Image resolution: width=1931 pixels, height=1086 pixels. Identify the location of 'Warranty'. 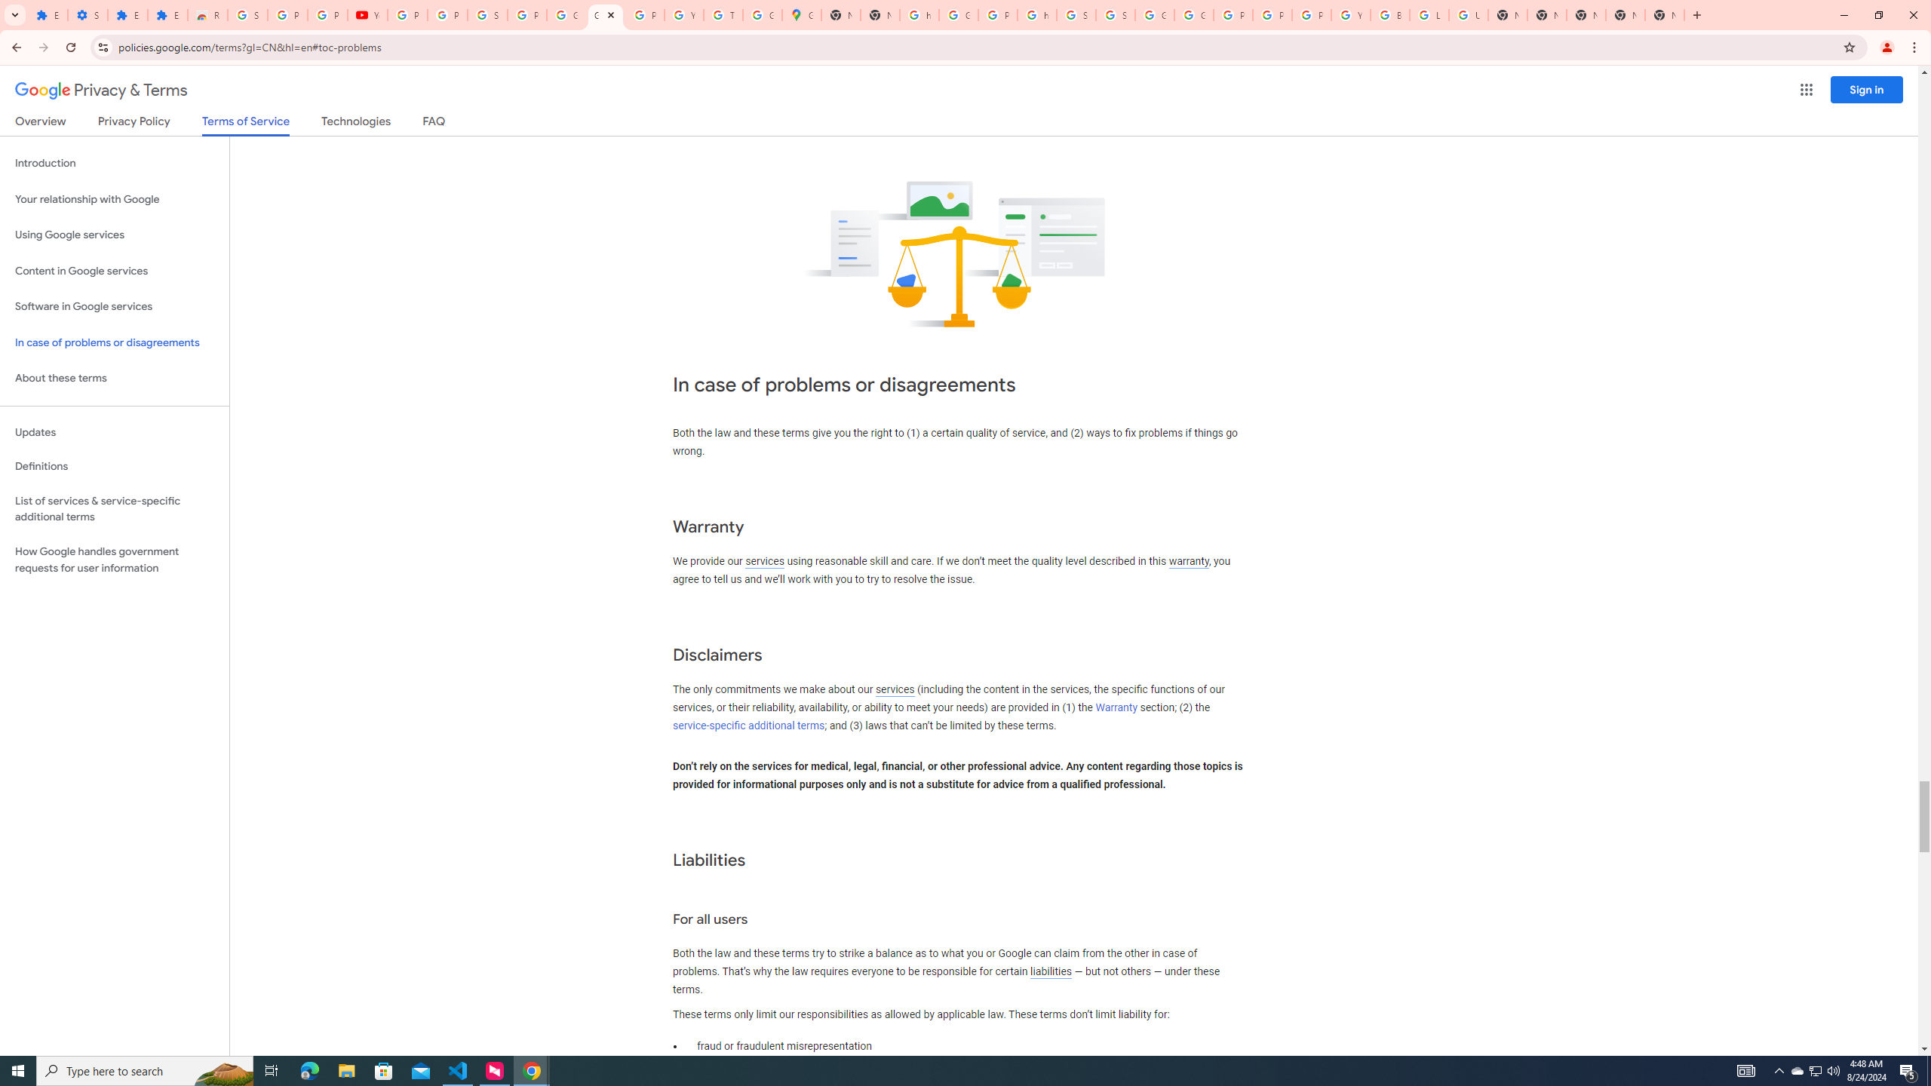
(1116, 707).